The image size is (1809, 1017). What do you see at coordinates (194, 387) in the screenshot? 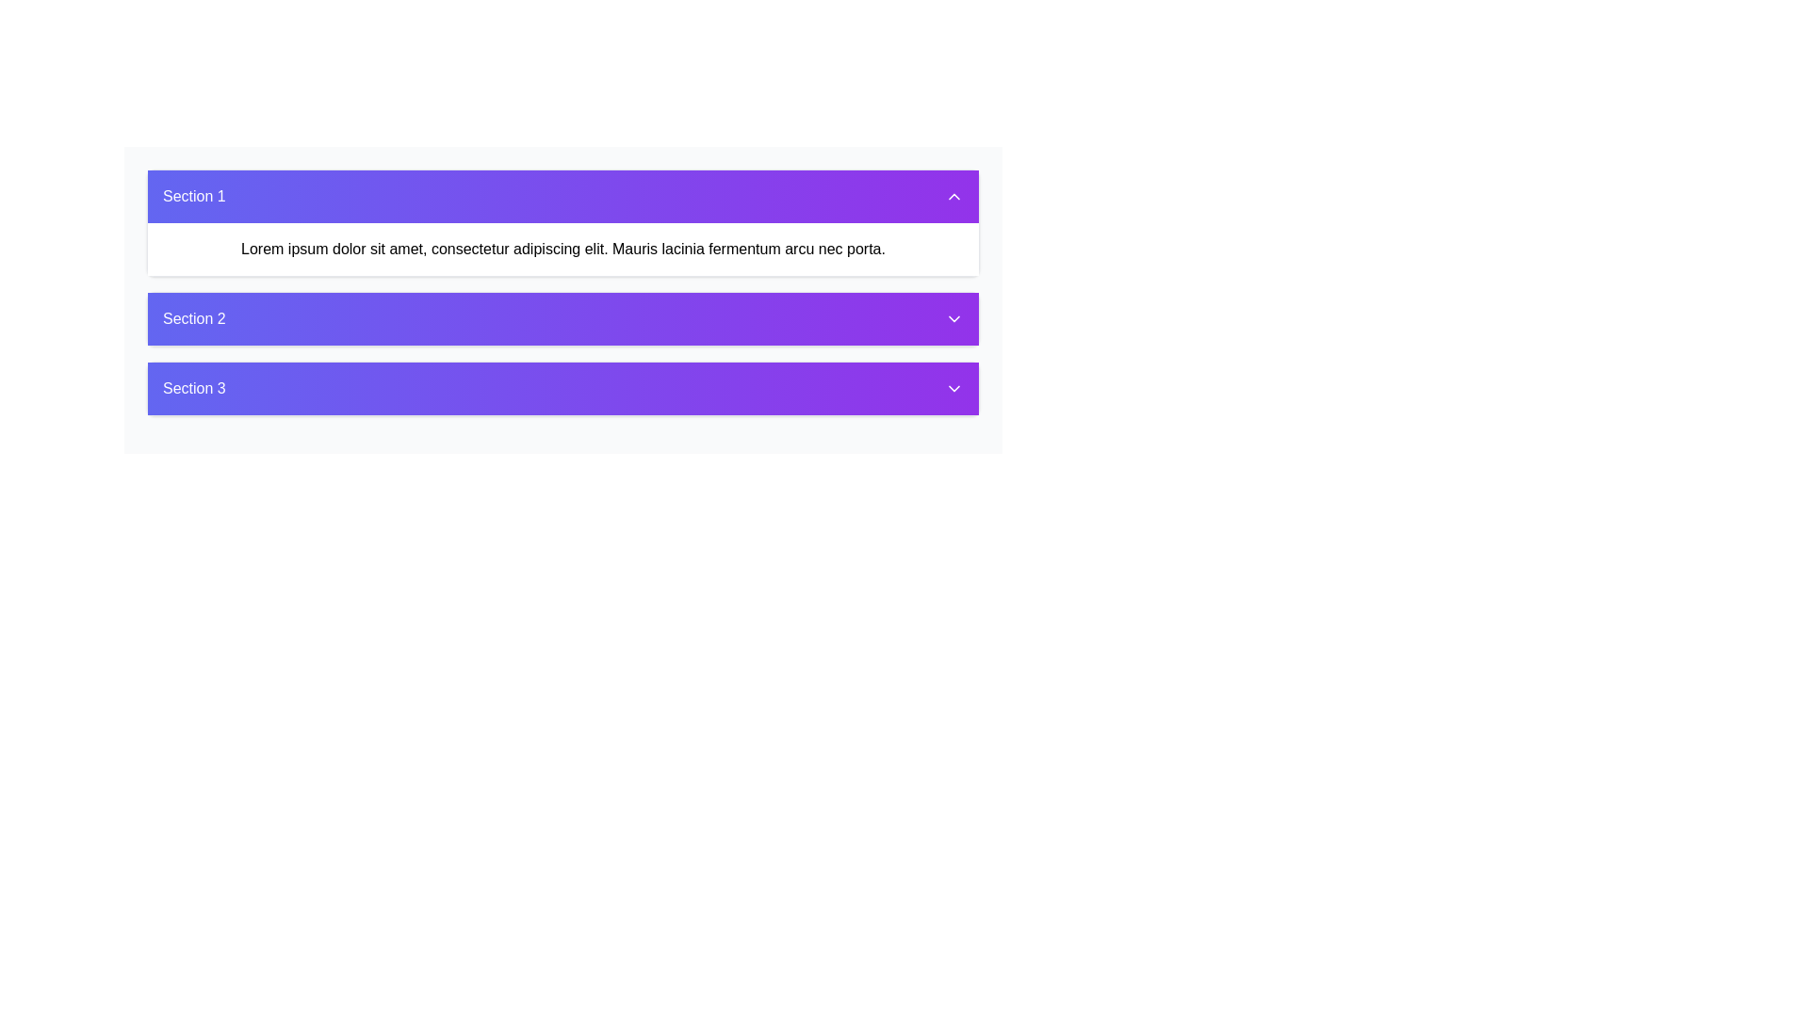
I see `the text label 'Section 3' displayed in white on a gradient background` at bounding box center [194, 387].